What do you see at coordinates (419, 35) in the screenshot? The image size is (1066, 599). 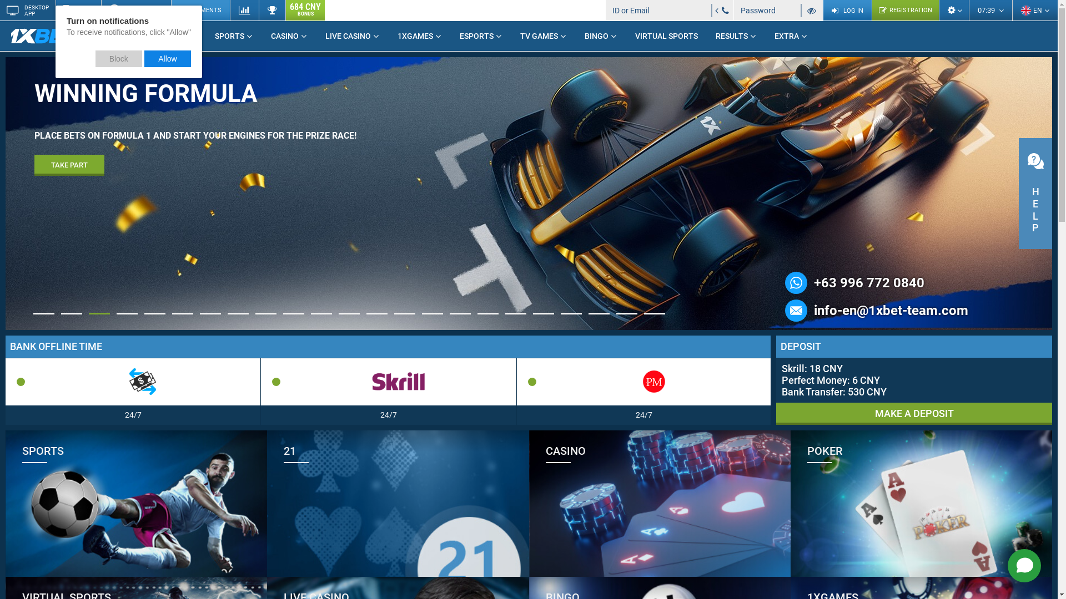 I see `'1XGAMES'` at bounding box center [419, 35].